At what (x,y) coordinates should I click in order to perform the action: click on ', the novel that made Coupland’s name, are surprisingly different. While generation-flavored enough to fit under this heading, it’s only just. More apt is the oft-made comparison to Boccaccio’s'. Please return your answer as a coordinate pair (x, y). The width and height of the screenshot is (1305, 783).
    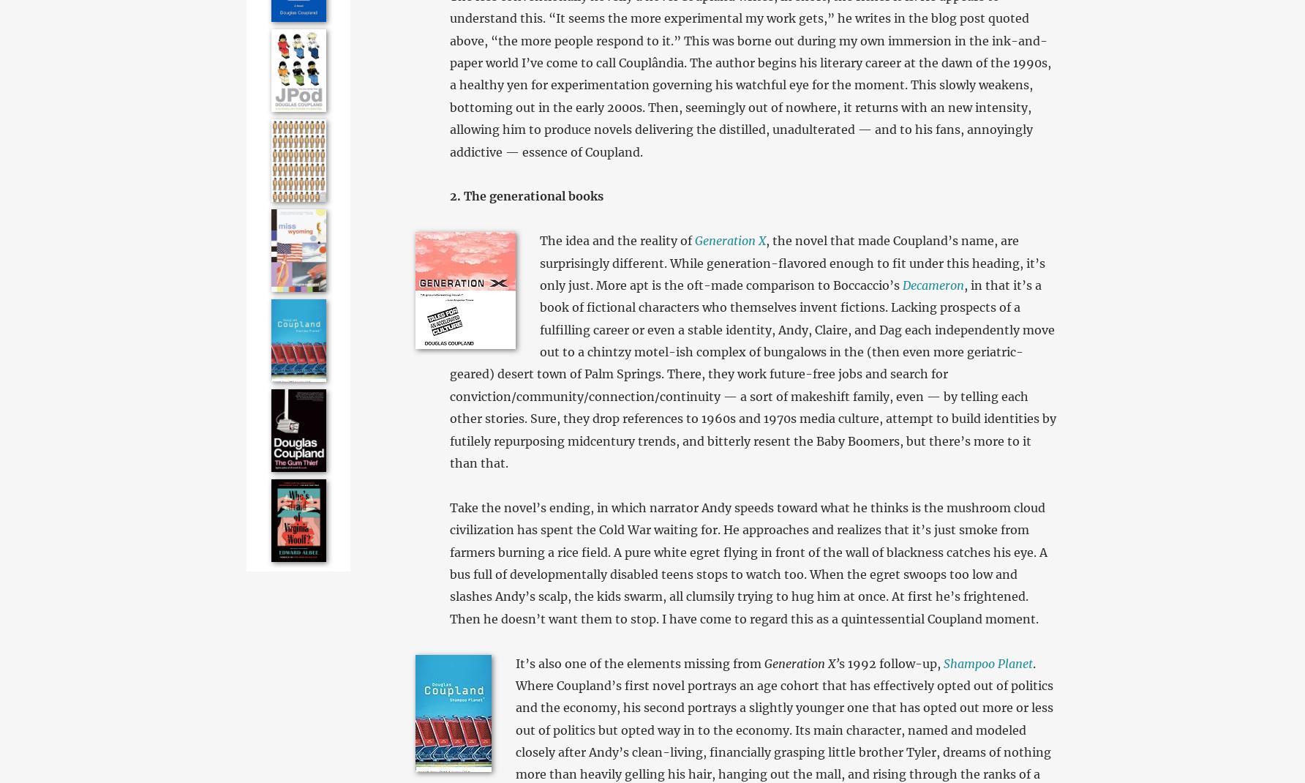
    Looking at the image, I should click on (791, 261).